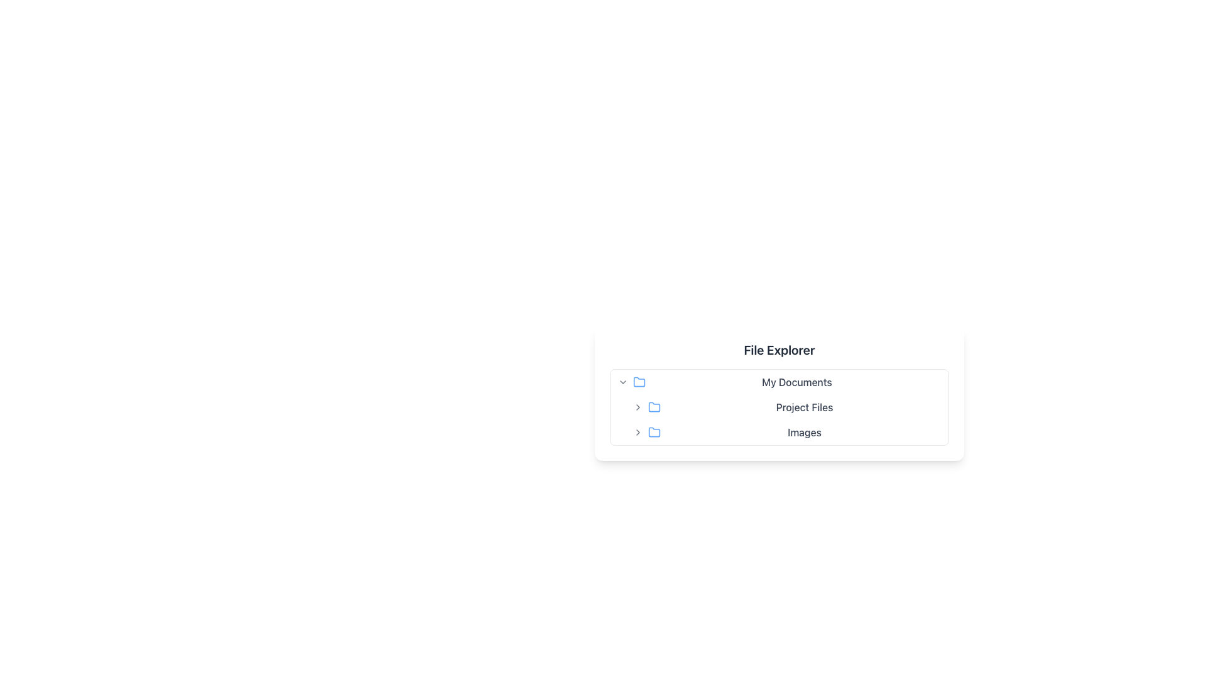  I want to click on the small downward-pointing chevron icon within the circular area to the left of 'My Documents', so click(623, 382).